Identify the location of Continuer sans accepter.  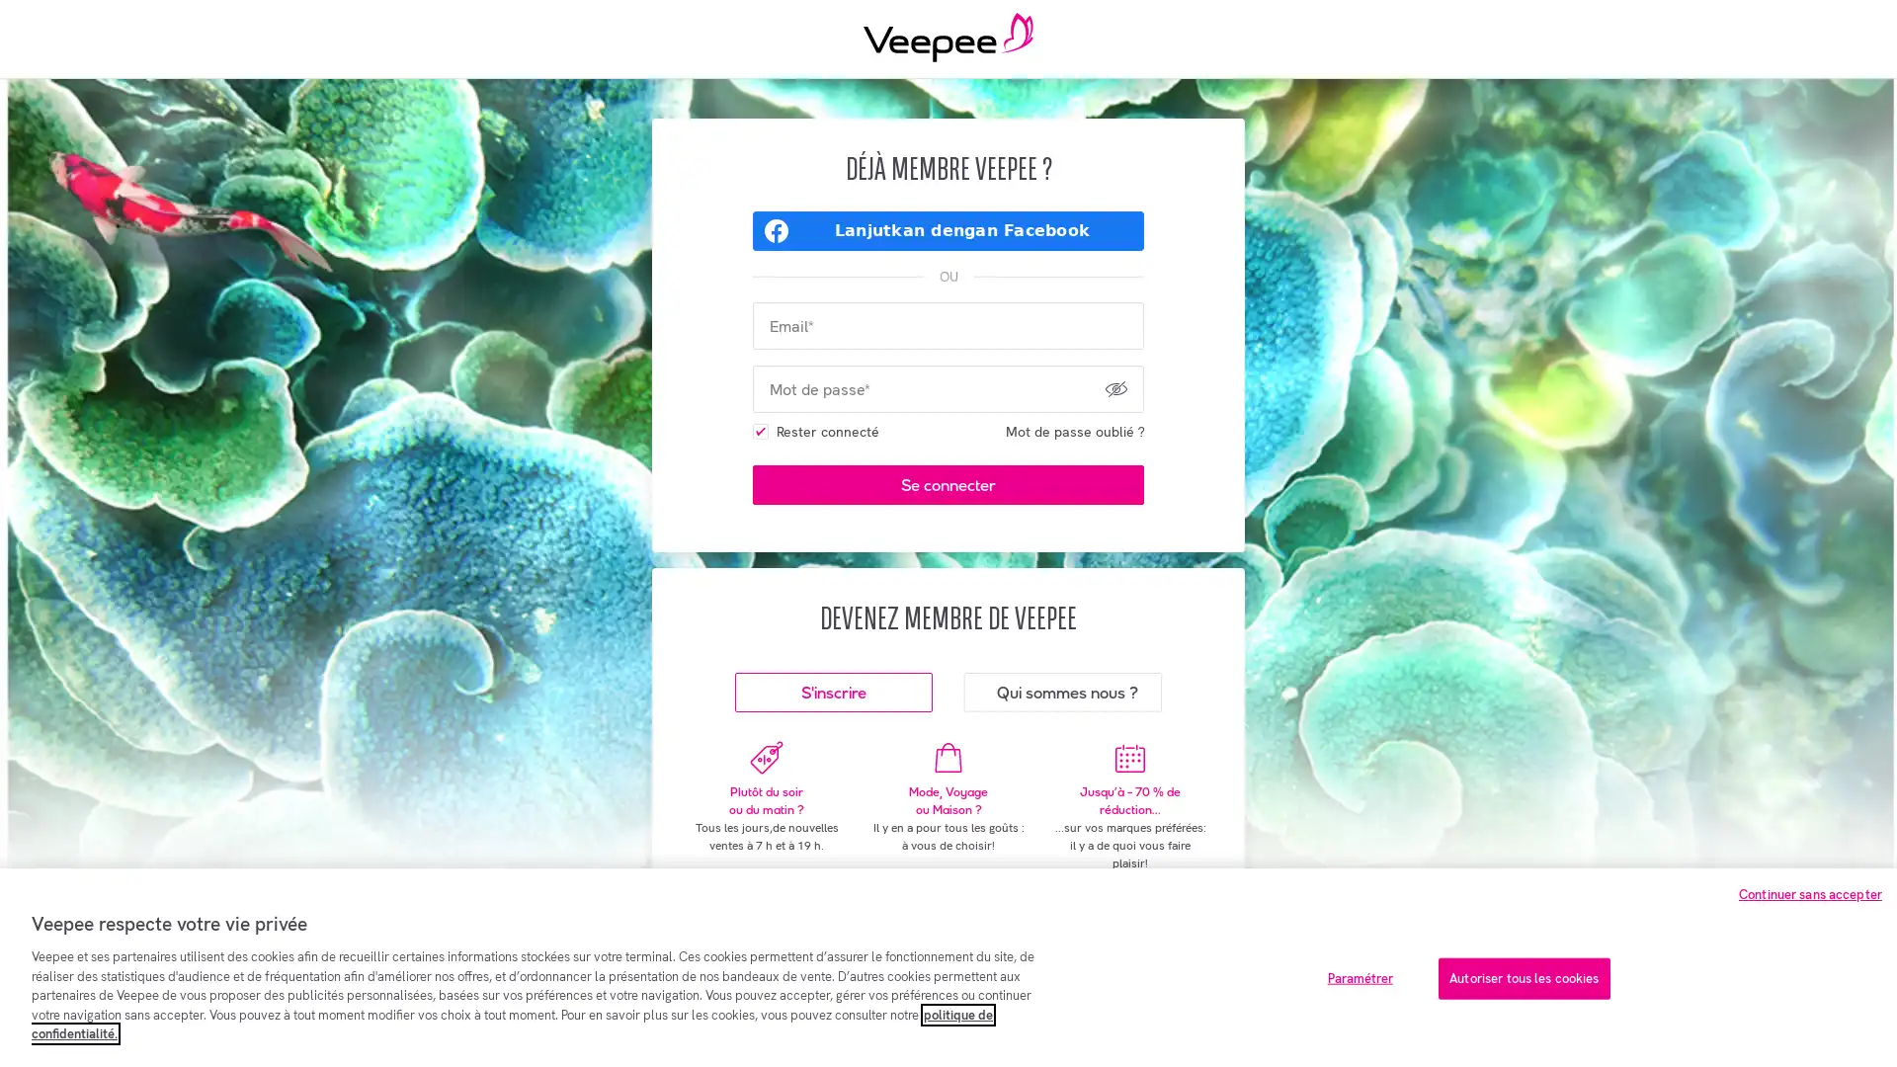
(1810, 894).